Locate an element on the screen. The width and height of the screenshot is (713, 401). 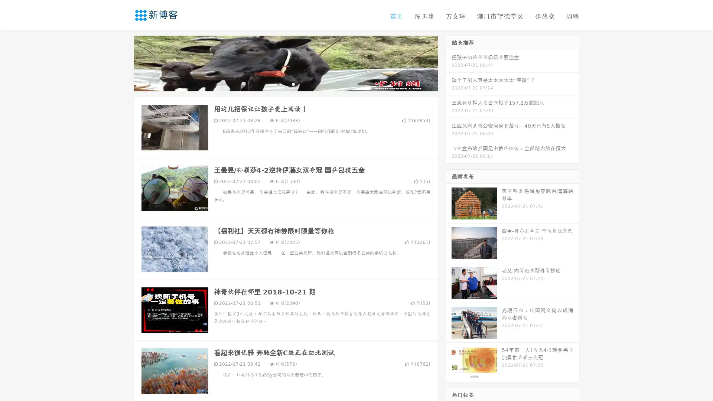
Previous slide is located at coordinates (123, 62).